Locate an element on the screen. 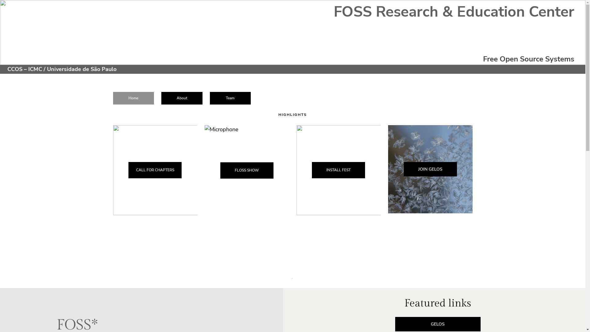 Image resolution: width=590 pixels, height=332 pixels. 'JOIN GELOS' is located at coordinates (404, 169).